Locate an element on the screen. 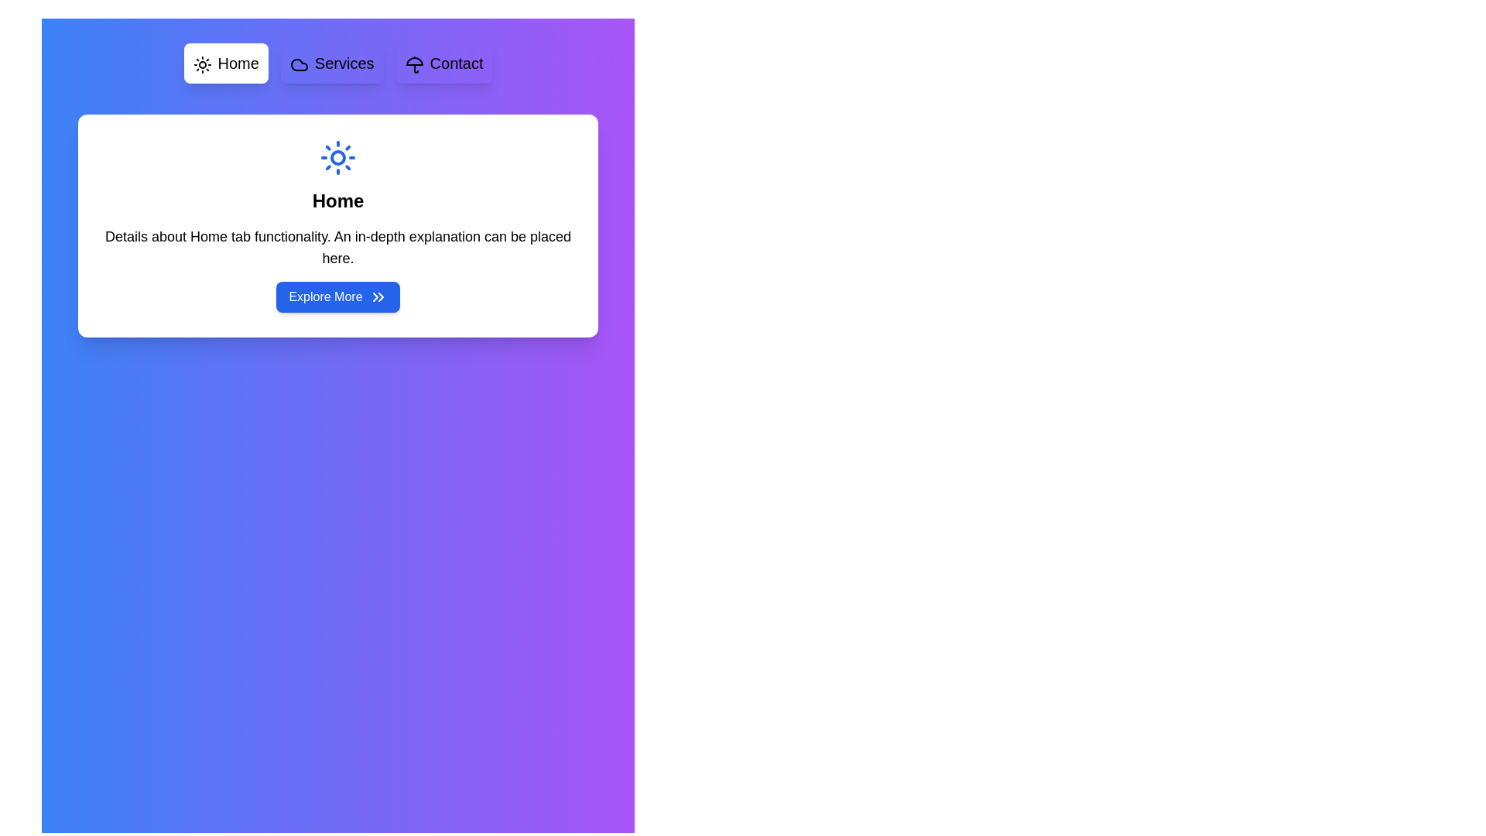 This screenshot has height=836, width=1486. the 'Contact' button, which is the last of three horizontally aligned buttons is located at coordinates (443, 62).